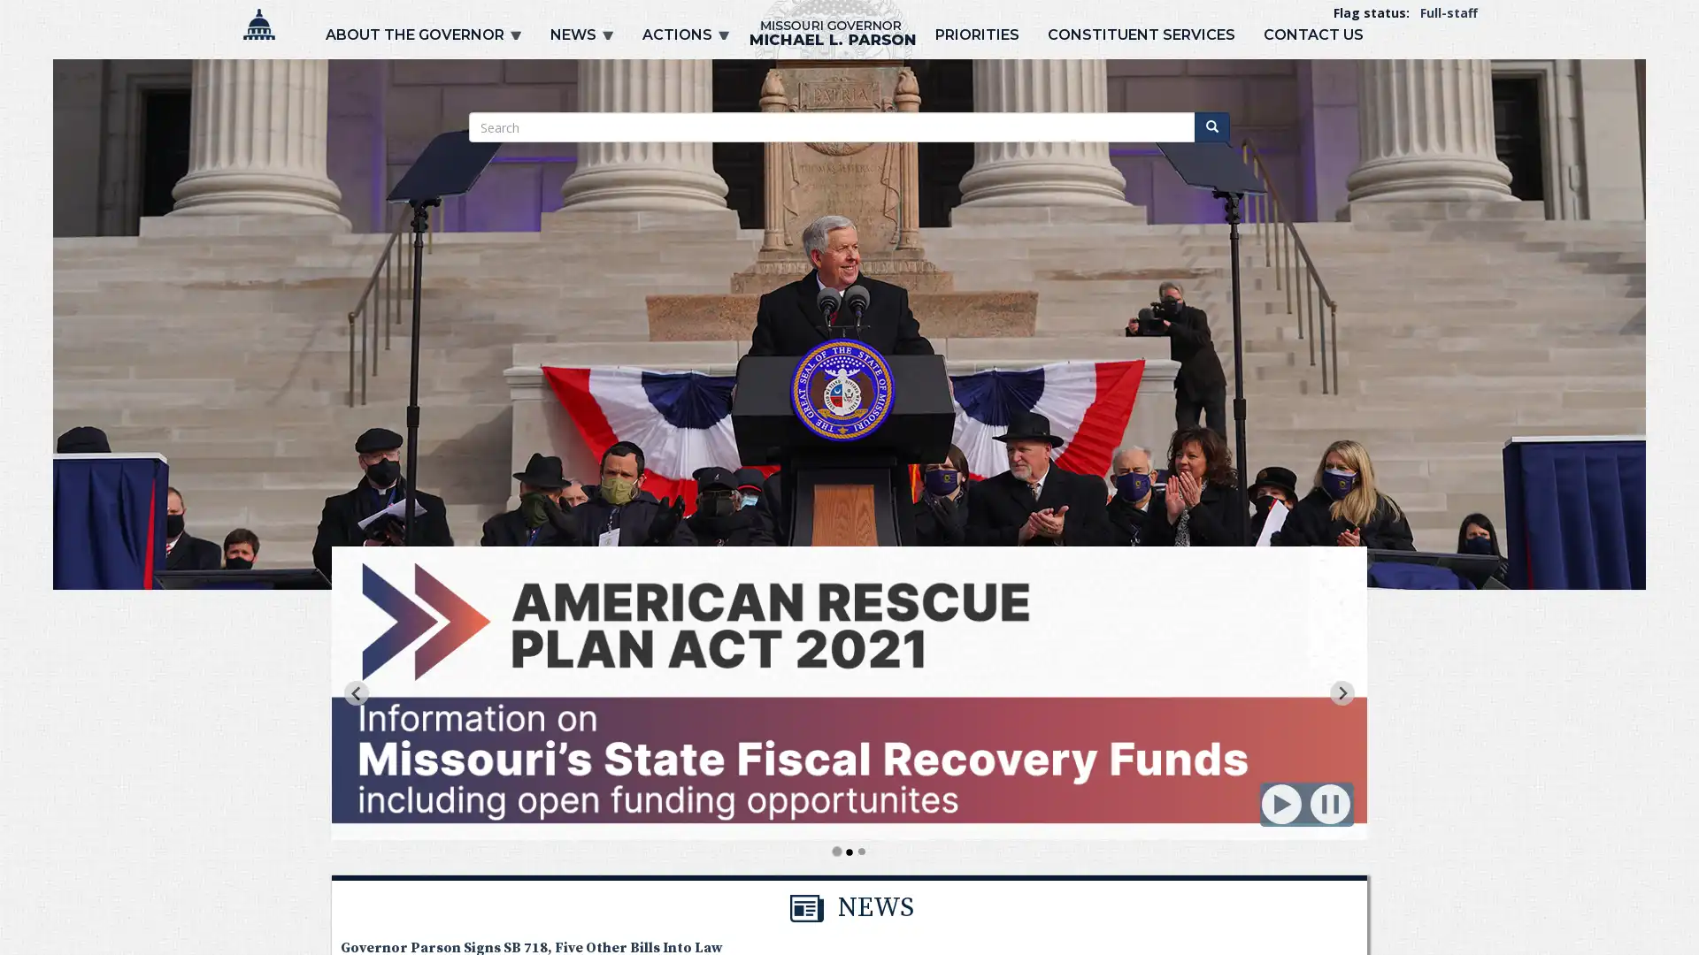 This screenshot has height=955, width=1699. What do you see at coordinates (1331, 805) in the screenshot?
I see `Pause autoplay` at bounding box center [1331, 805].